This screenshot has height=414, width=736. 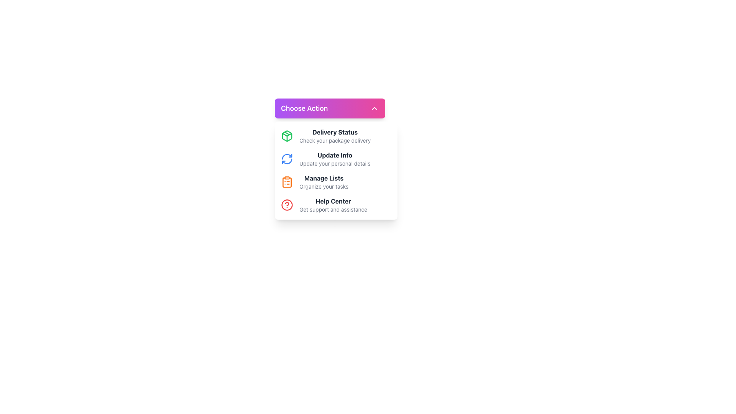 I want to click on the bold text label that reads 'Update Info.' which is prominently displayed in dark gray color within the menu interface, so click(x=335, y=155).